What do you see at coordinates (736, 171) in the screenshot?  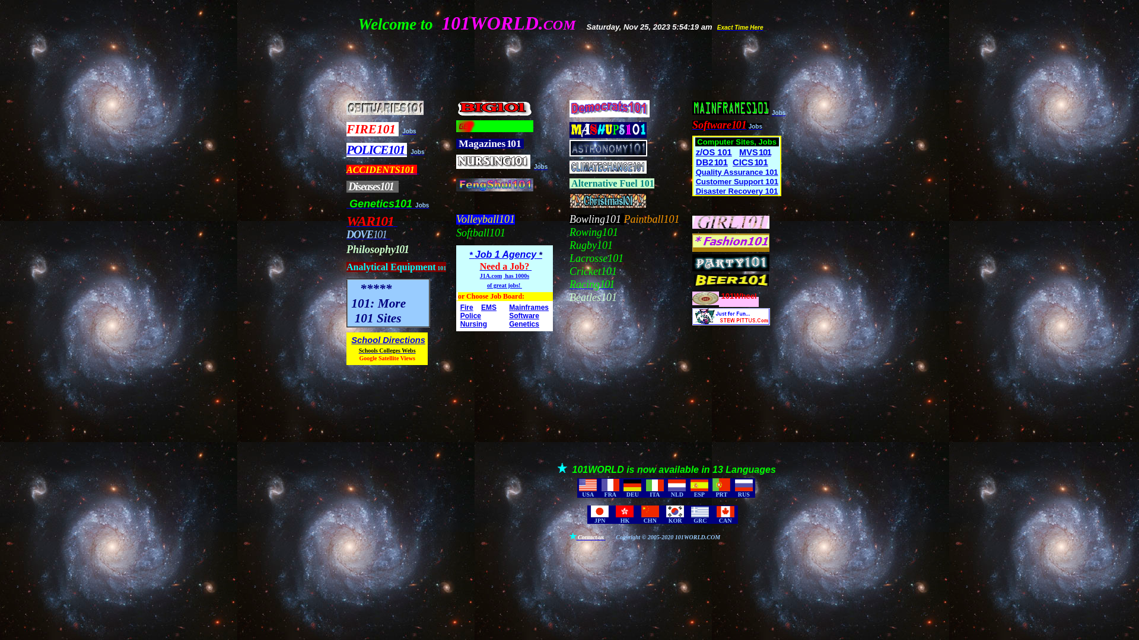 I see `'Quality Assurance 101'` at bounding box center [736, 171].